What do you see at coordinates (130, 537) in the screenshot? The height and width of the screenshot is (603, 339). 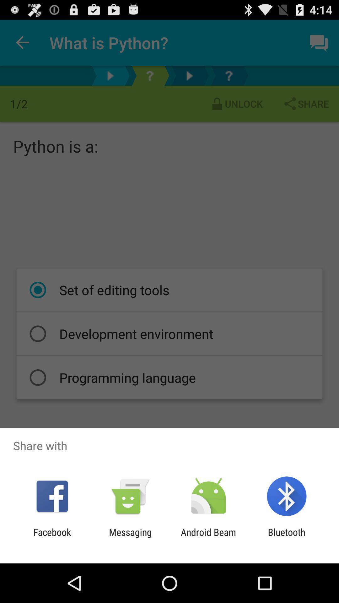 I see `app to the left of the android beam icon` at bounding box center [130, 537].